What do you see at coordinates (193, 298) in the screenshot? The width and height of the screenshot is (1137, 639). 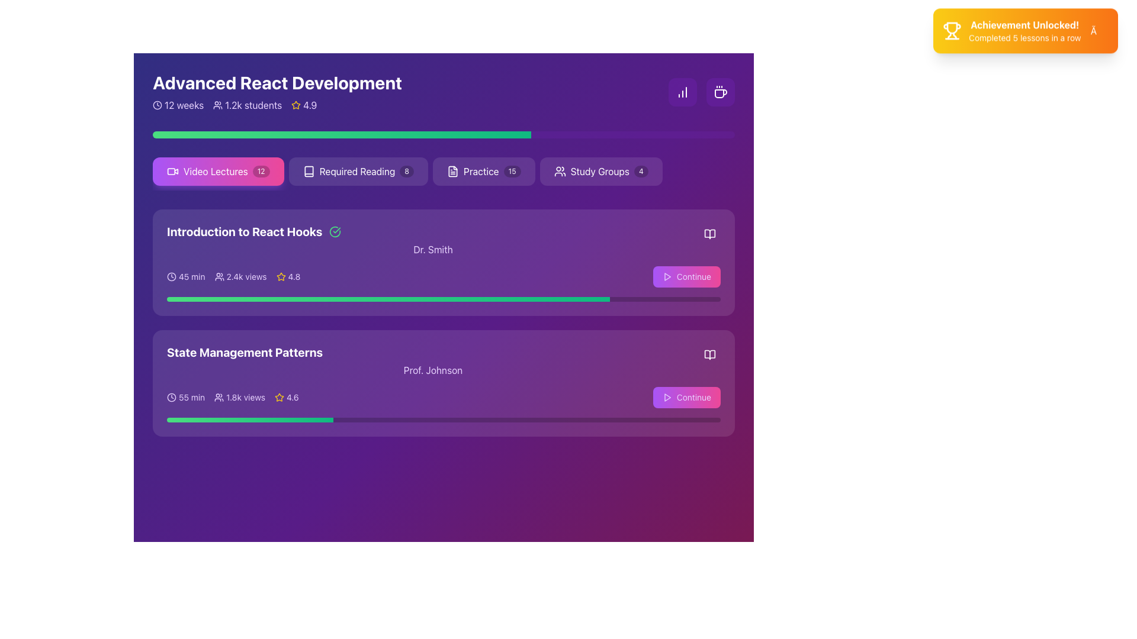 I see `slider value` at bounding box center [193, 298].